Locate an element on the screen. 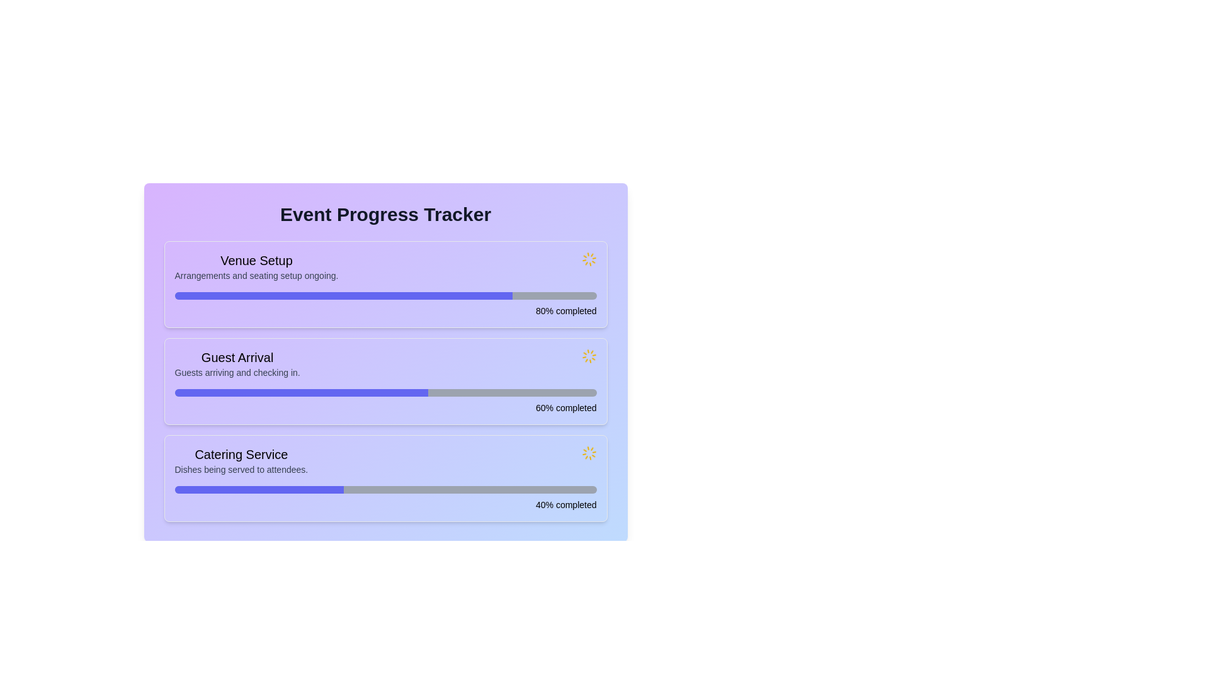 This screenshot has height=680, width=1209. the rotating yellow loader icon located at the top-right corner of the 'Venue Setup' section is located at coordinates (588, 266).